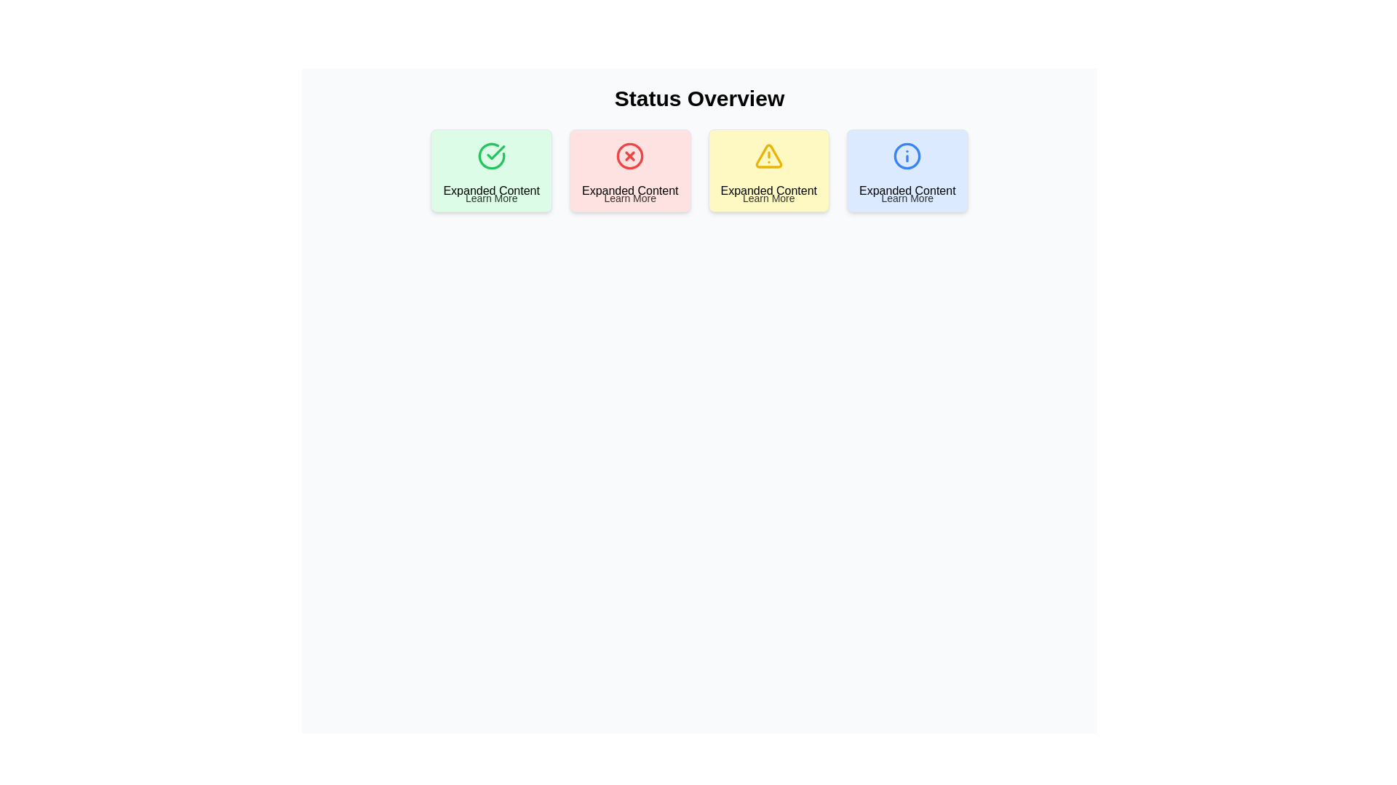 This screenshot has width=1397, height=785. Describe the element at coordinates (768, 198) in the screenshot. I see `the hyperlink located at the bottom of the yellow card, directly below the text 'Expanded Content'` at that location.